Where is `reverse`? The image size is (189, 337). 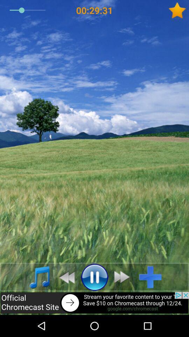 reverse is located at coordinates (65, 277).